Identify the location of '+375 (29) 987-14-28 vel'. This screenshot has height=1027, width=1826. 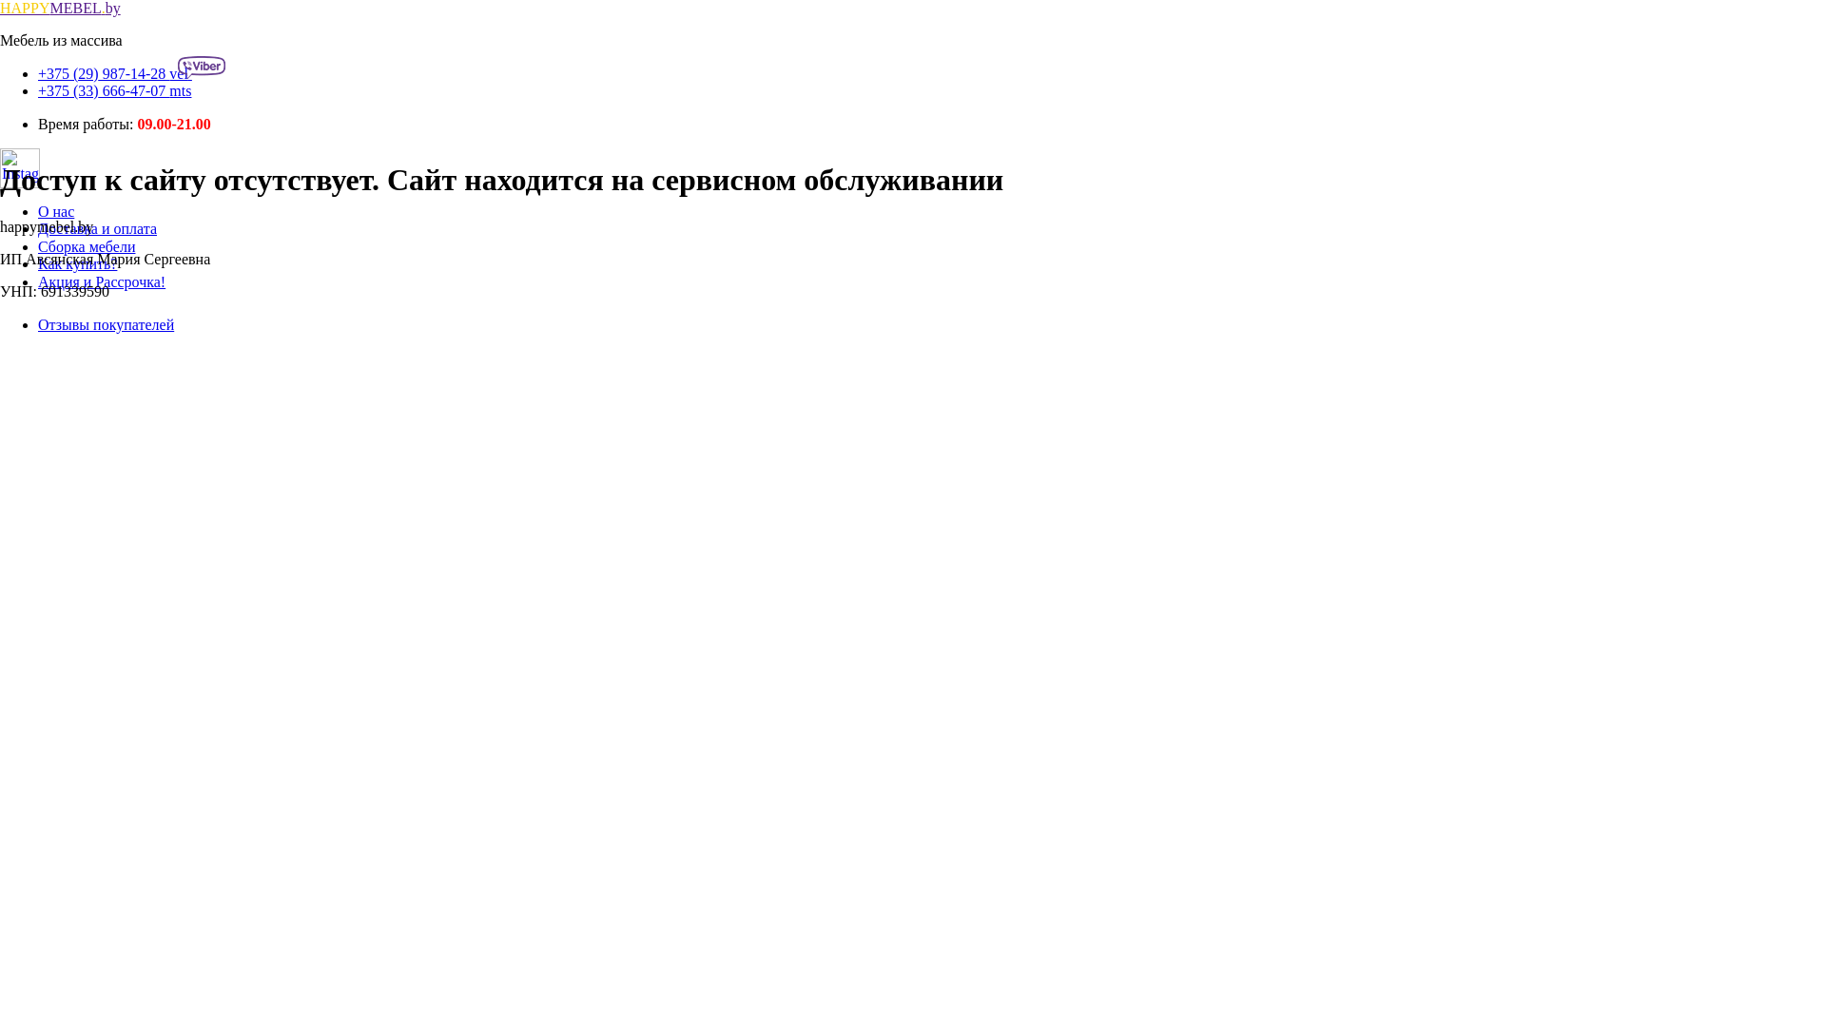
(130, 72).